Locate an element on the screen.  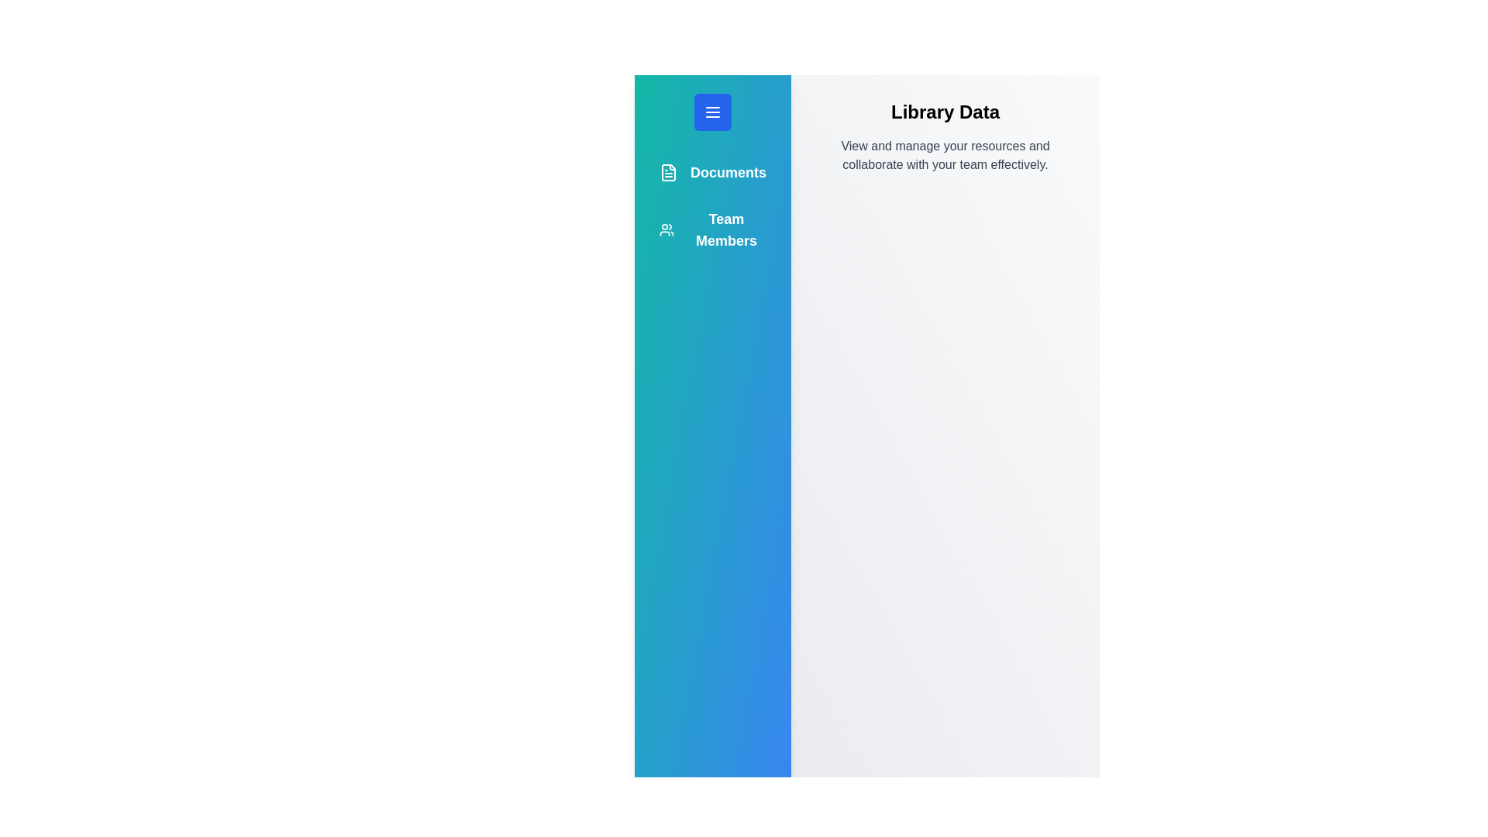
the library section labeled Documents is located at coordinates (712, 173).